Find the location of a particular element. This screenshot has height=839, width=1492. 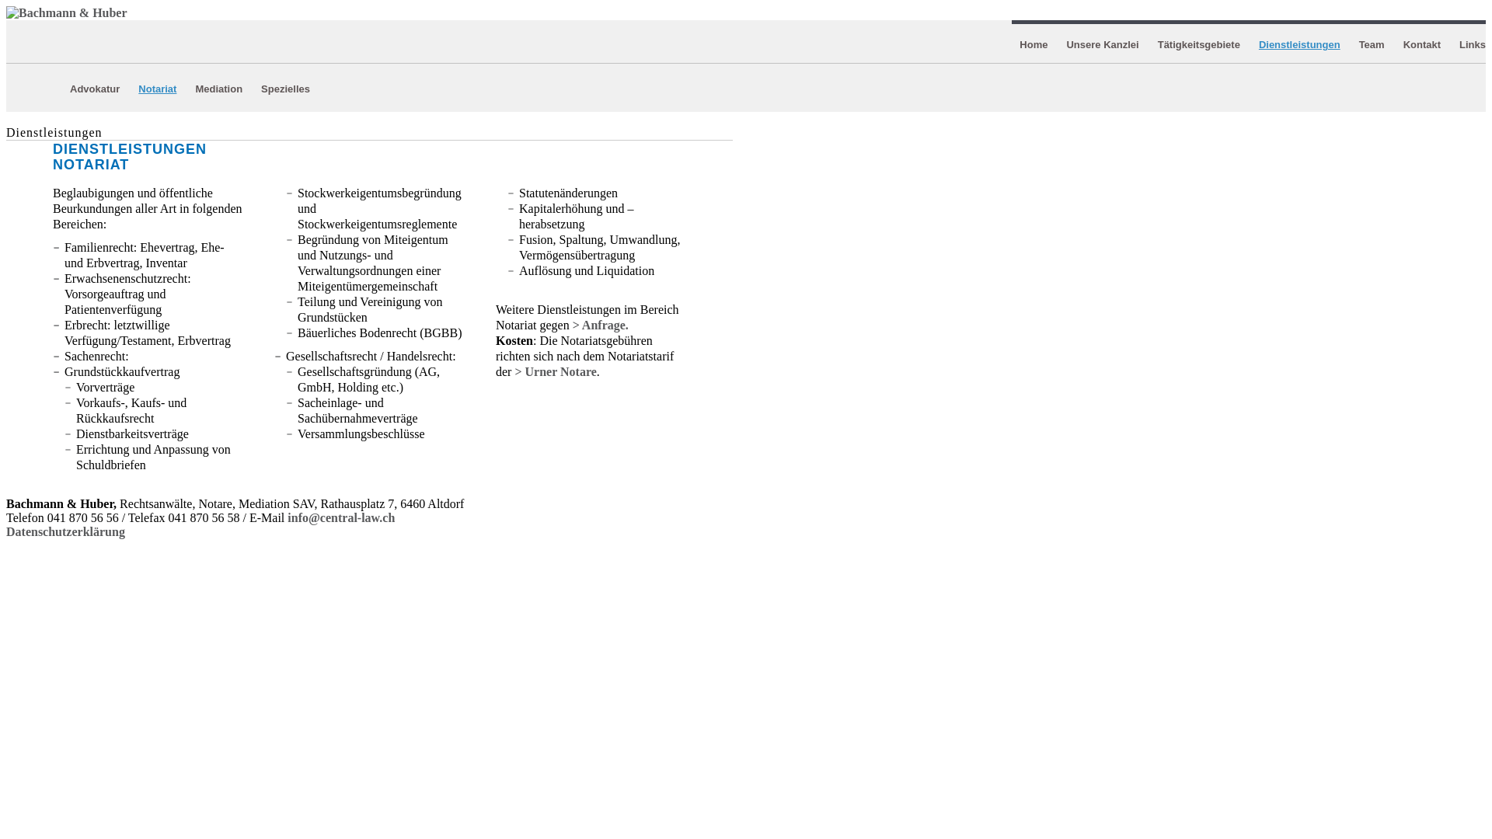

'Home' is located at coordinates (1033, 44).